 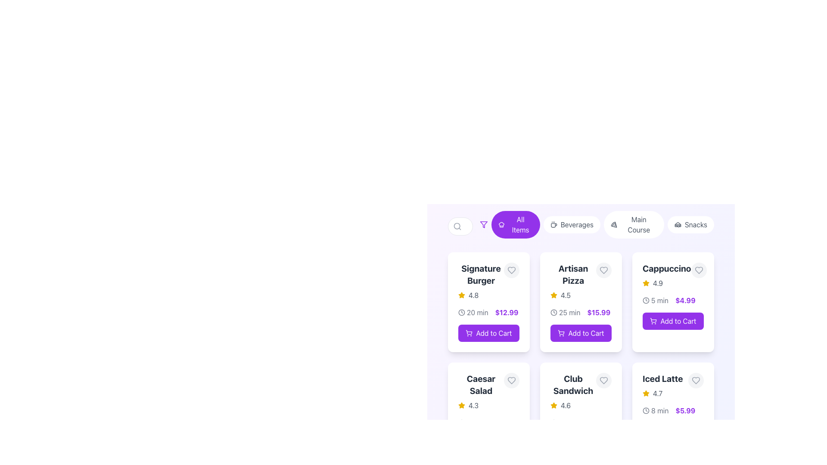 What do you see at coordinates (673, 300) in the screenshot?
I see `information displayed on the text label with an icon that shows the estimated serving/preparation time and cost of the 'Cappuccino' product, located above the 'Add to Cart' button` at bounding box center [673, 300].